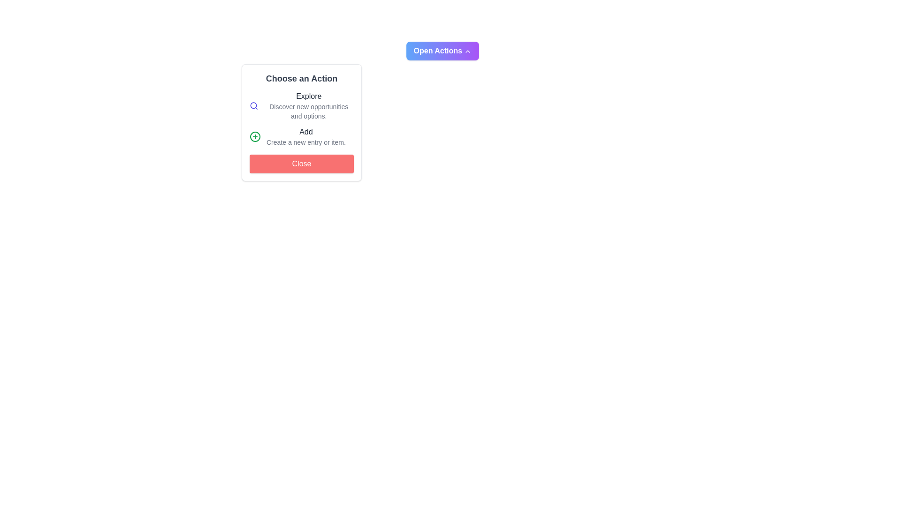 This screenshot has width=901, height=506. Describe the element at coordinates (306, 137) in the screenshot. I see `the 'Add' text label` at that location.